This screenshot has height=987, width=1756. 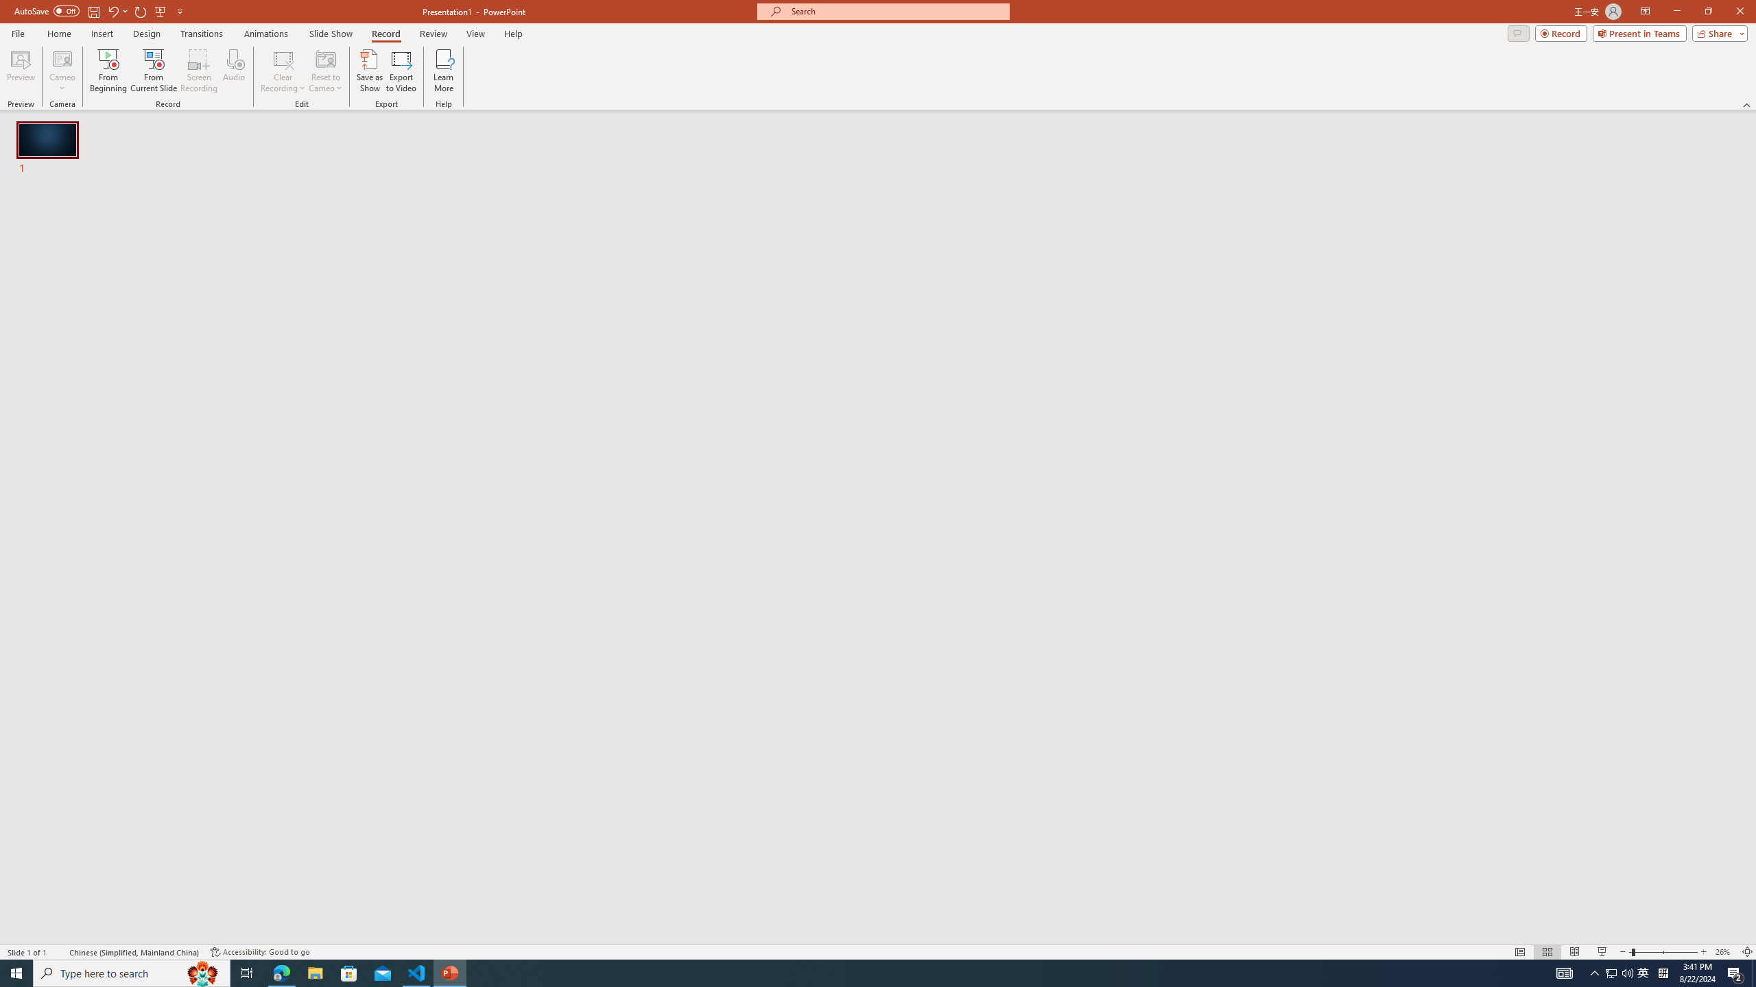 What do you see at coordinates (1725, 952) in the screenshot?
I see `'Zoom 26%'` at bounding box center [1725, 952].